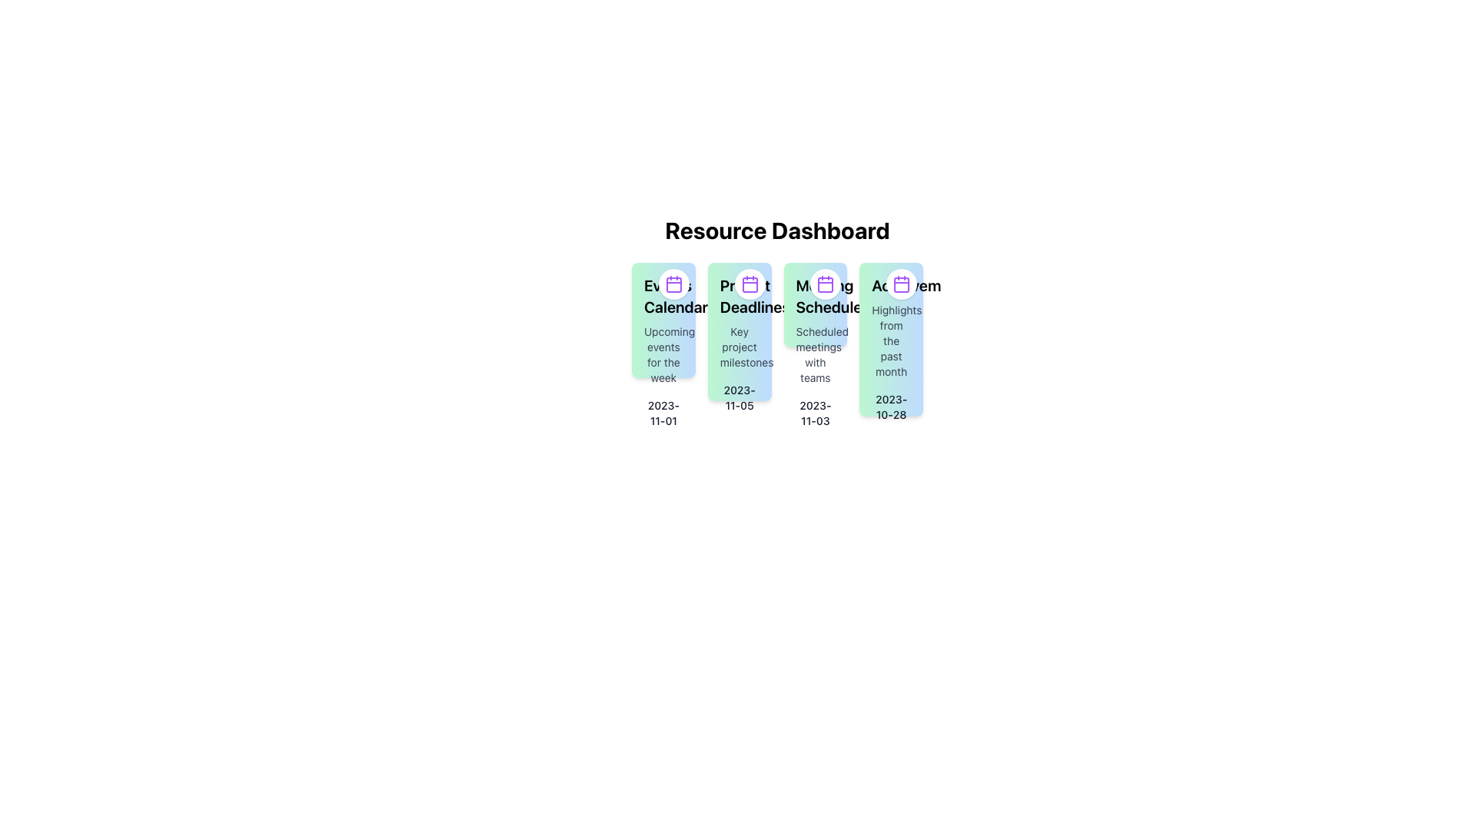 Image resolution: width=1476 pixels, height=830 pixels. Describe the element at coordinates (663, 296) in the screenshot. I see `the 'Events Calendar' text label, which is styled with a bold font and located within a gradient-filled box transitioning from green to blue` at that location.